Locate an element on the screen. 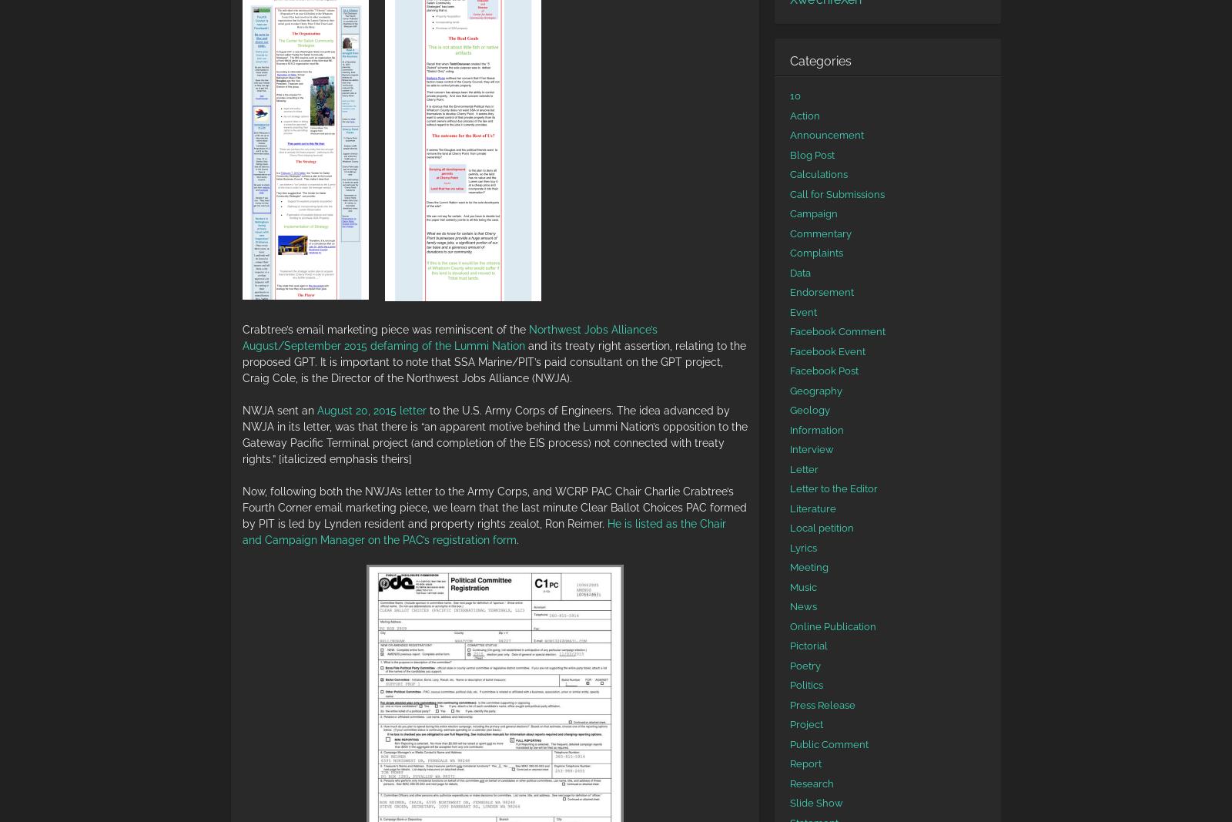 The width and height of the screenshot is (1232, 822). 'Campaign' is located at coordinates (789, 213).